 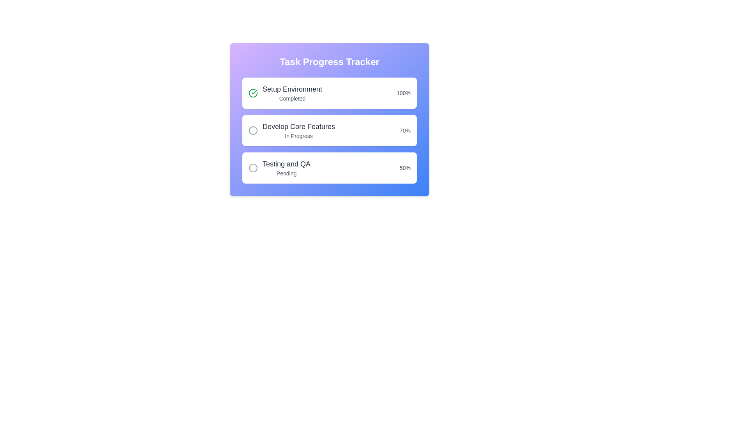 What do you see at coordinates (292, 93) in the screenshot?
I see `the static text component displaying 'Setup Environment' and 'Completed' in the 'Task Progress Tracker' card, which is the first row of completed tasks` at bounding box center [292, 93].